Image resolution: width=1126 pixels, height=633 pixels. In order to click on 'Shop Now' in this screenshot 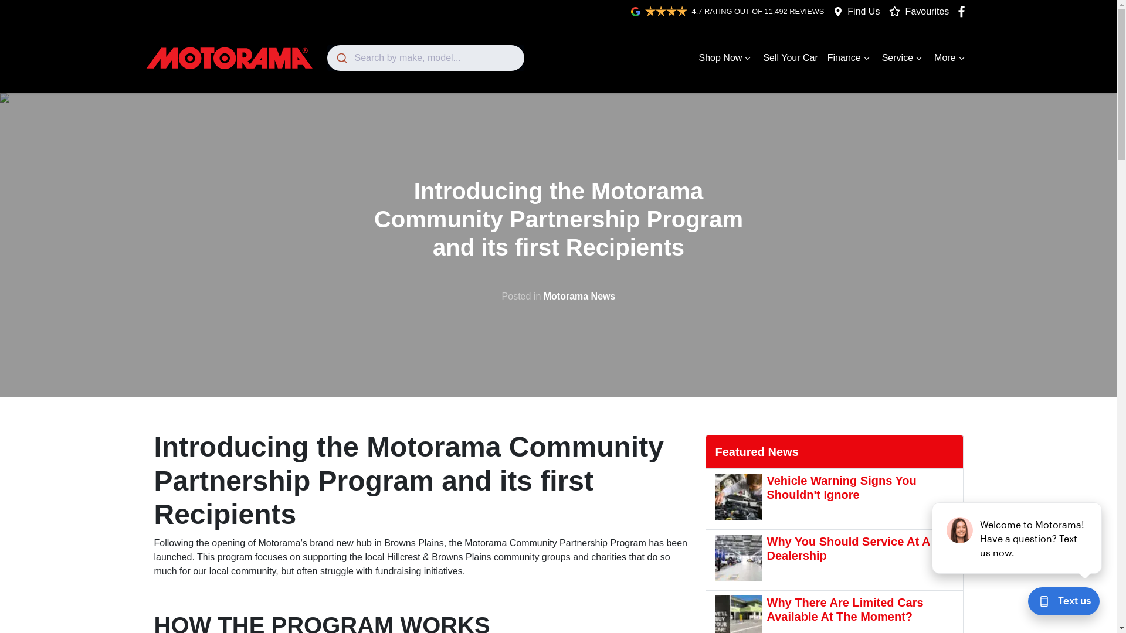, I will do `click(694, 58)`.